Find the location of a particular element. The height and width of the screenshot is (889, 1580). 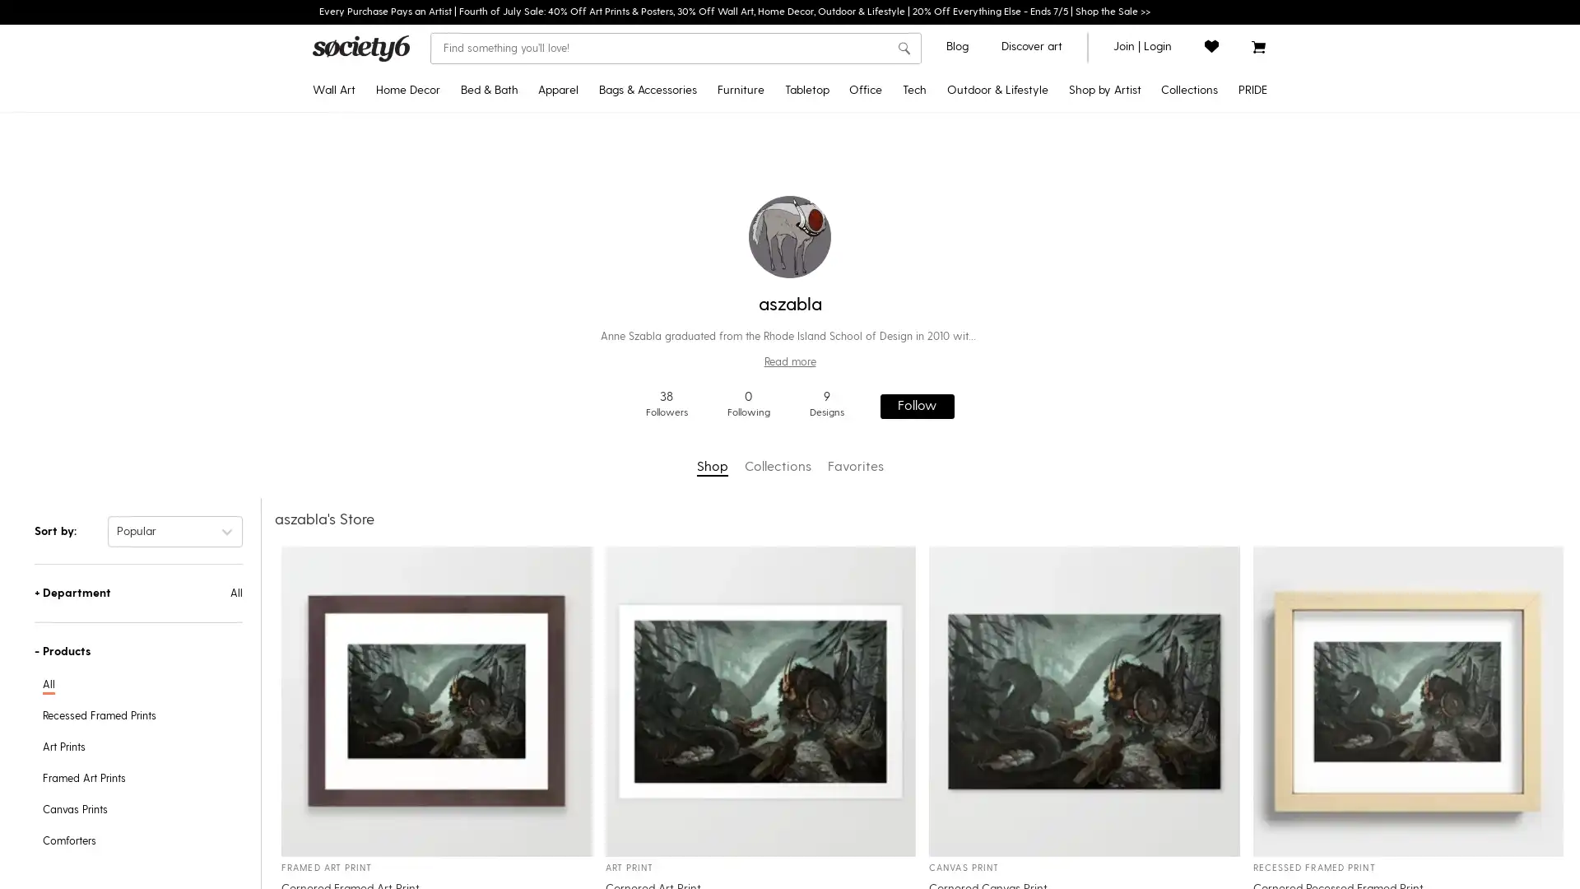

Serving Trays is located at coordinates (837, 370).